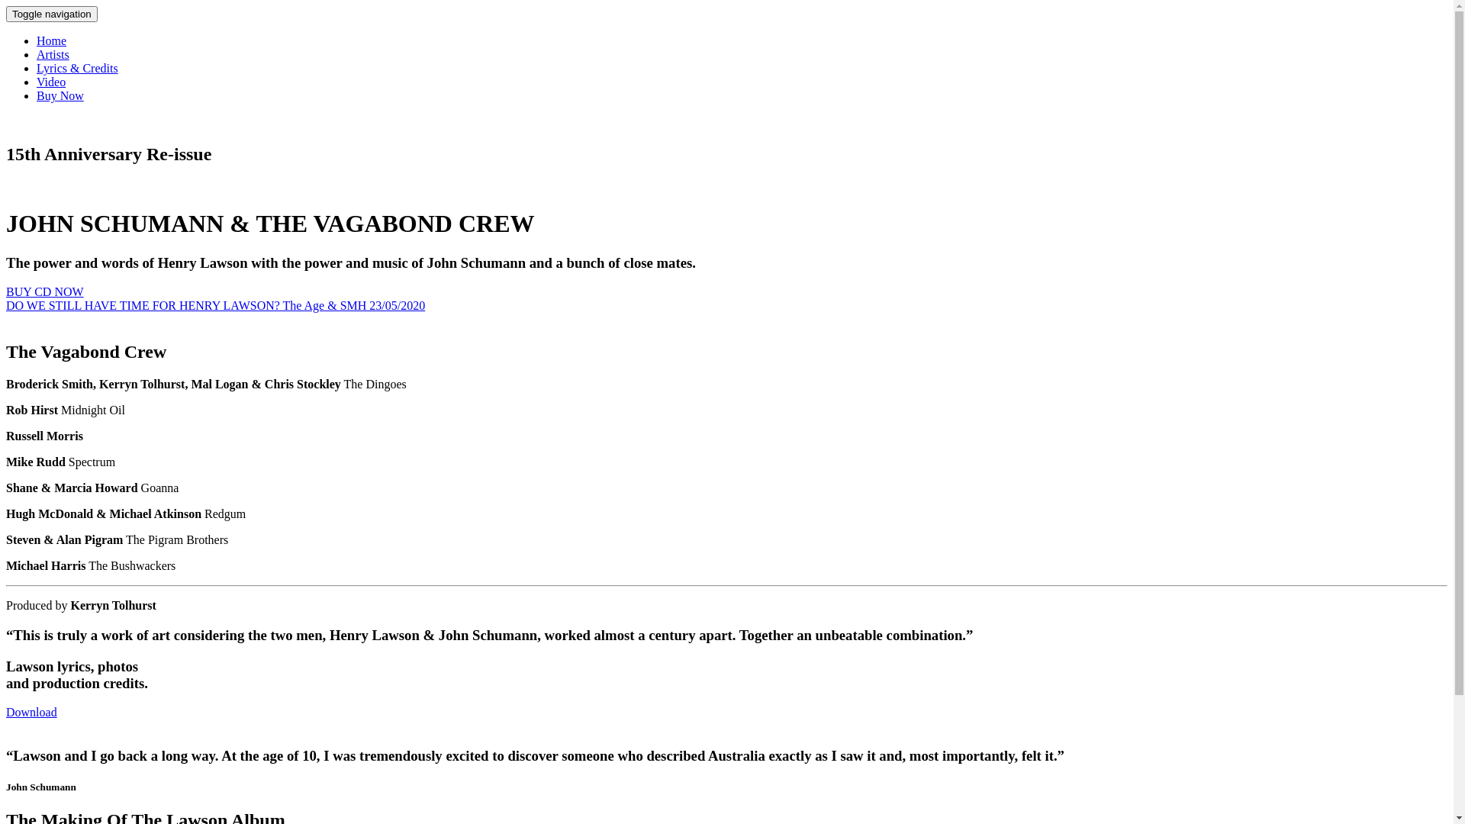 The height and width of the screenshot is (824, 1465). What do you see at coordinates (51, 14) in the screenshot?
I see `'Toggle navigation'` at bounding box center [51, 14].